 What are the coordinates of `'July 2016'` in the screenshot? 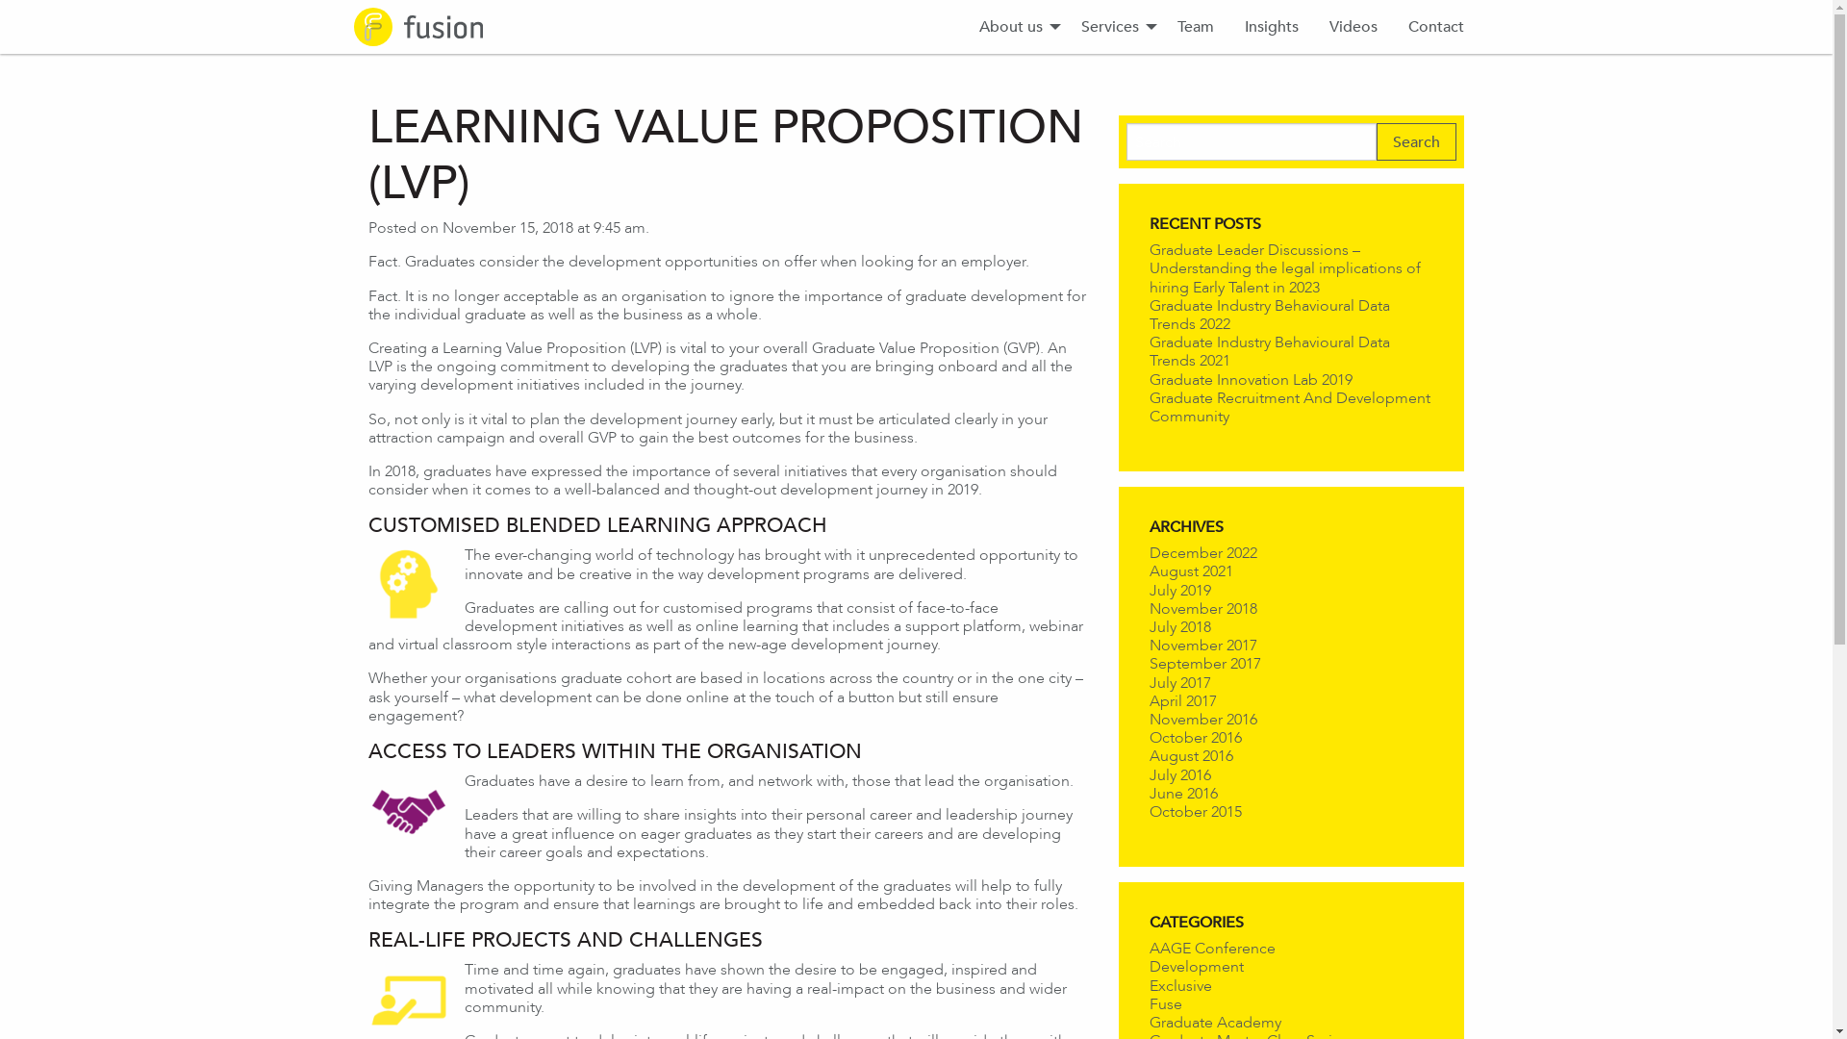 It's located at (1177, 773).